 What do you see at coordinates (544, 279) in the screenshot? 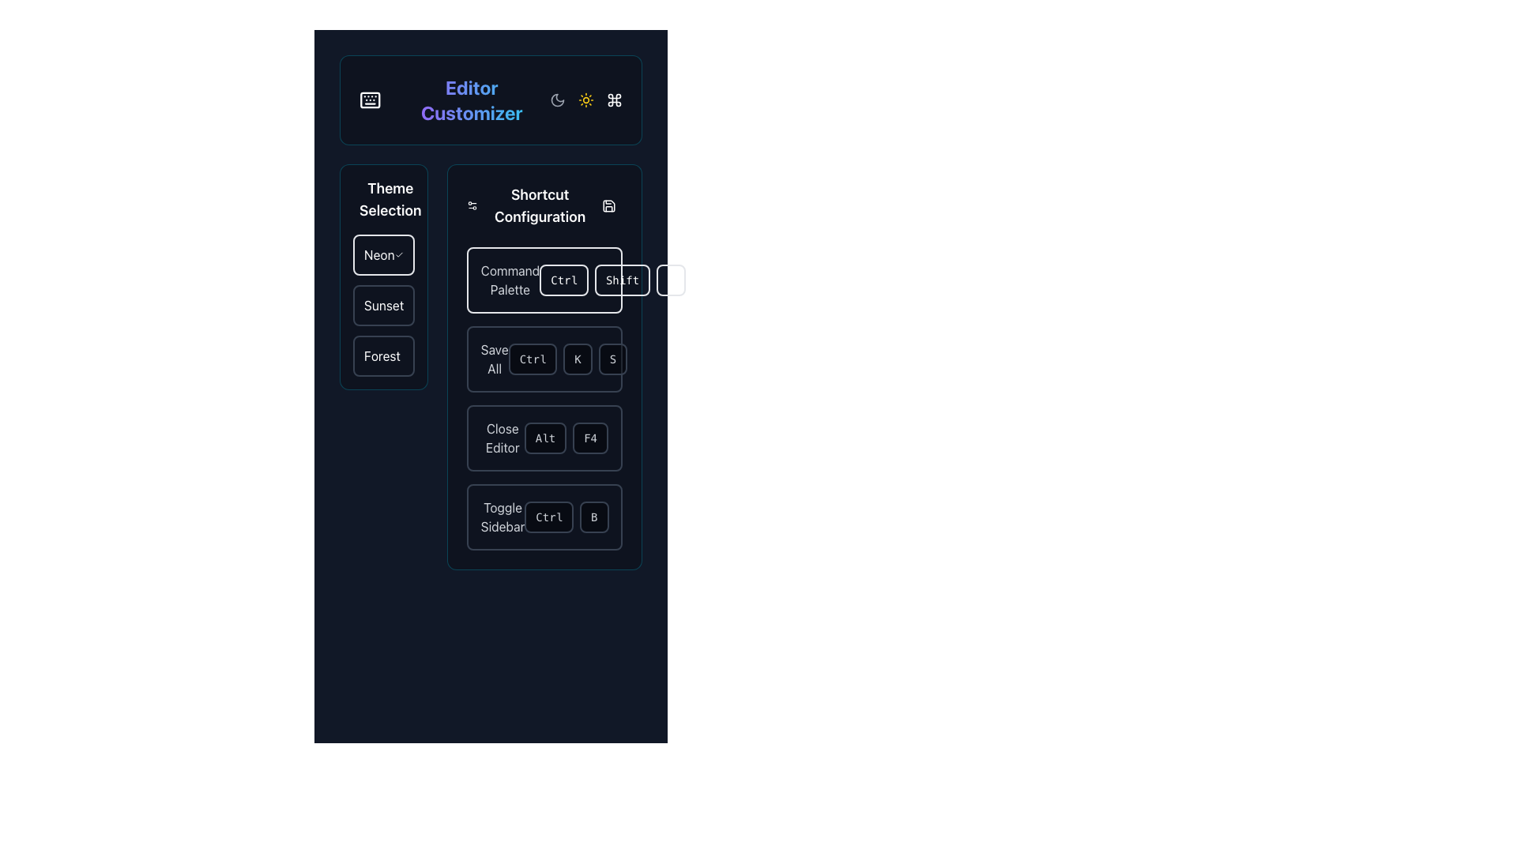
I see `the role of the 'Ctrl' key` at bounding box center [544, 279].